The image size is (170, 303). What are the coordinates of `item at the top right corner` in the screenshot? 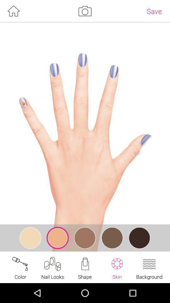 It's located at (154, 11).